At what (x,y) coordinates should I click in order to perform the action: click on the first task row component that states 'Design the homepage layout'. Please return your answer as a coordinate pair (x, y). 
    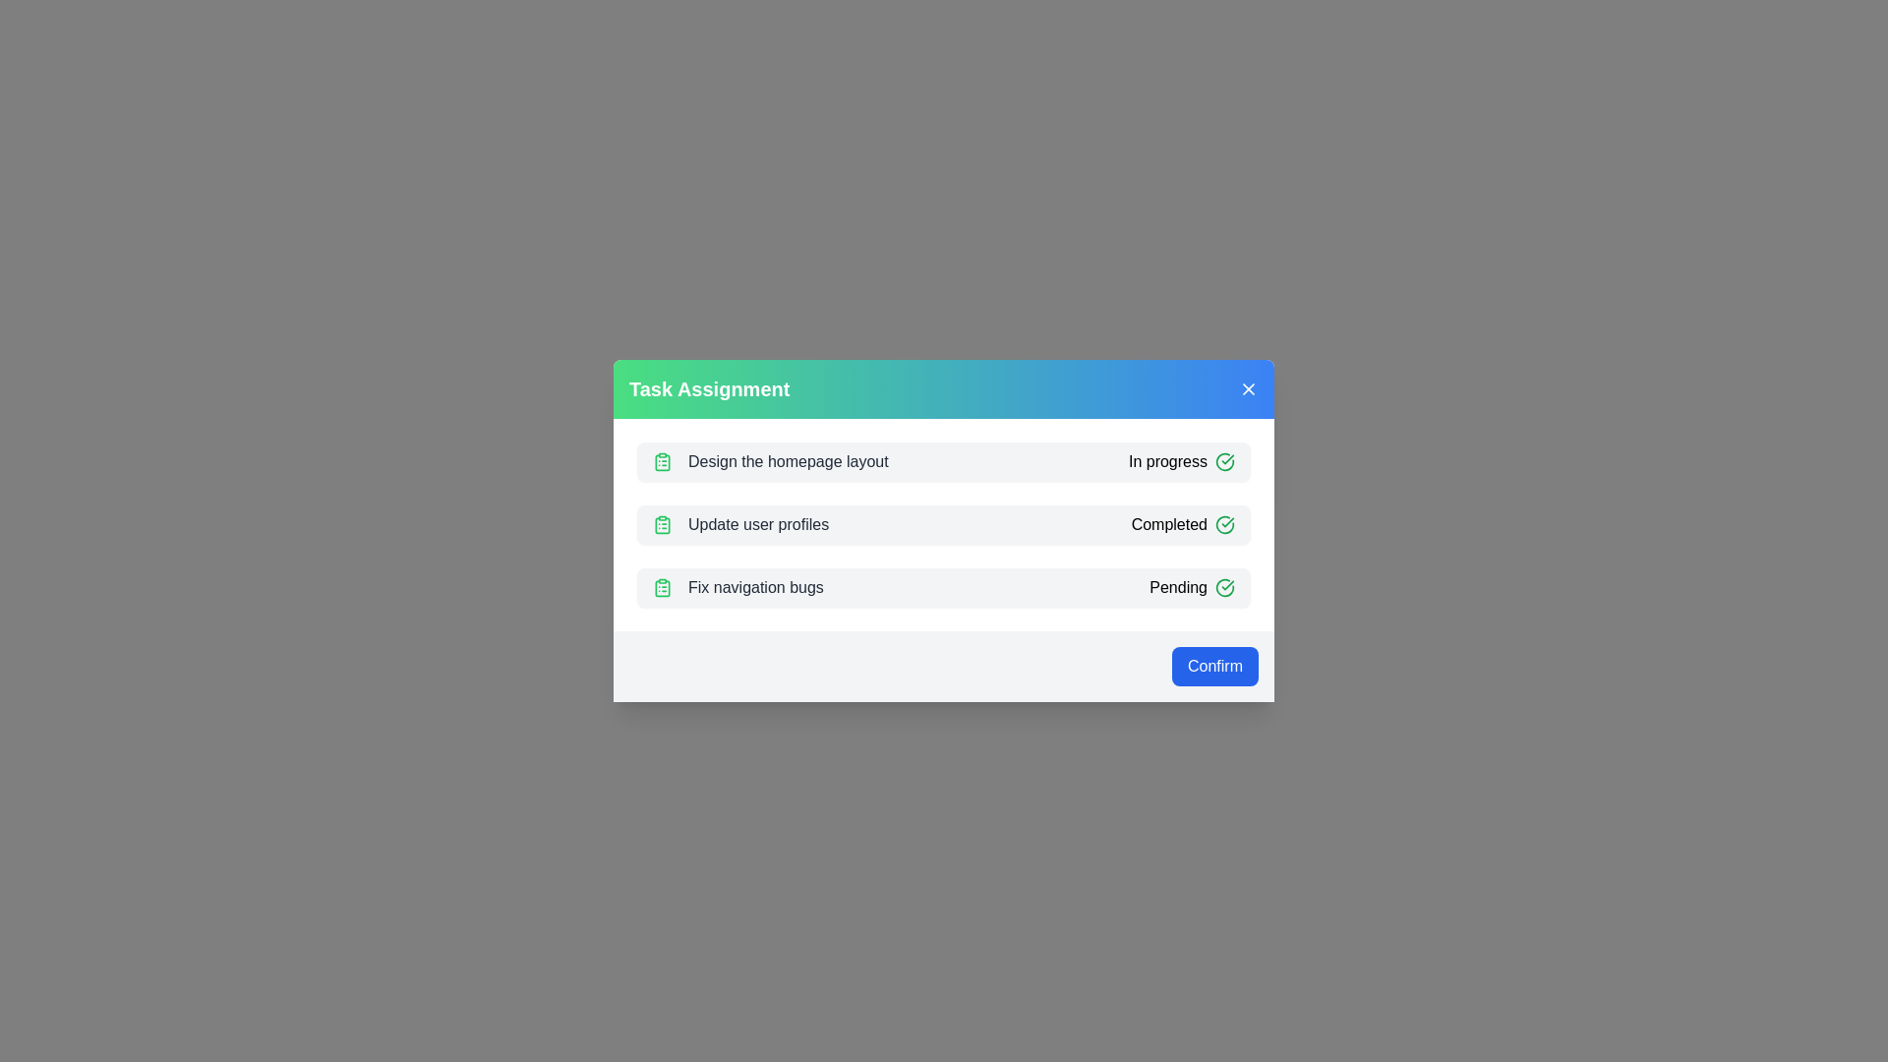
    Looking at the image, I should click on (944, 462).